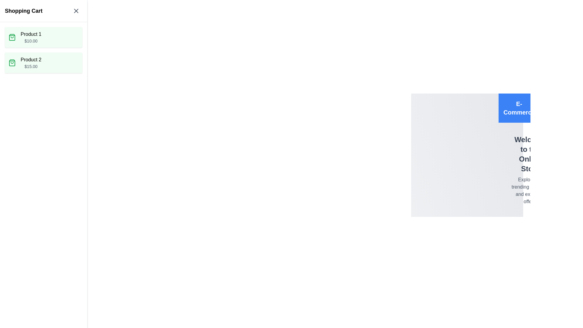 The width and height of the screenshot is (583, 328). What do you see at coordinates (12, 63) in the screenshot?
I see `the shopping bag icon located to the left of the text 'Product 2' within the product card` at bounding box center [12, 63].